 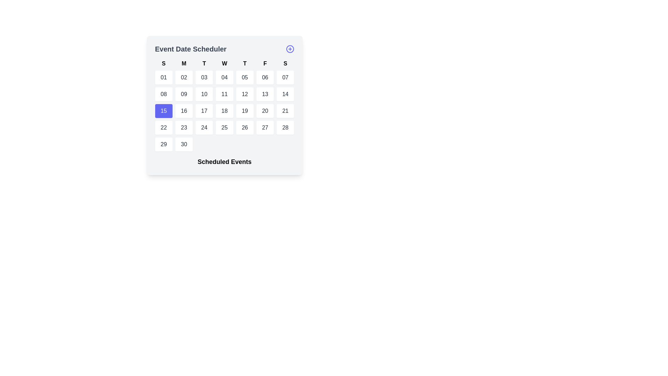 What do you see at coordinates (265, 111) in the screenshot?
I see `the selectable day button for the 20th in the calendar interface` at bounding box center [265, 111].